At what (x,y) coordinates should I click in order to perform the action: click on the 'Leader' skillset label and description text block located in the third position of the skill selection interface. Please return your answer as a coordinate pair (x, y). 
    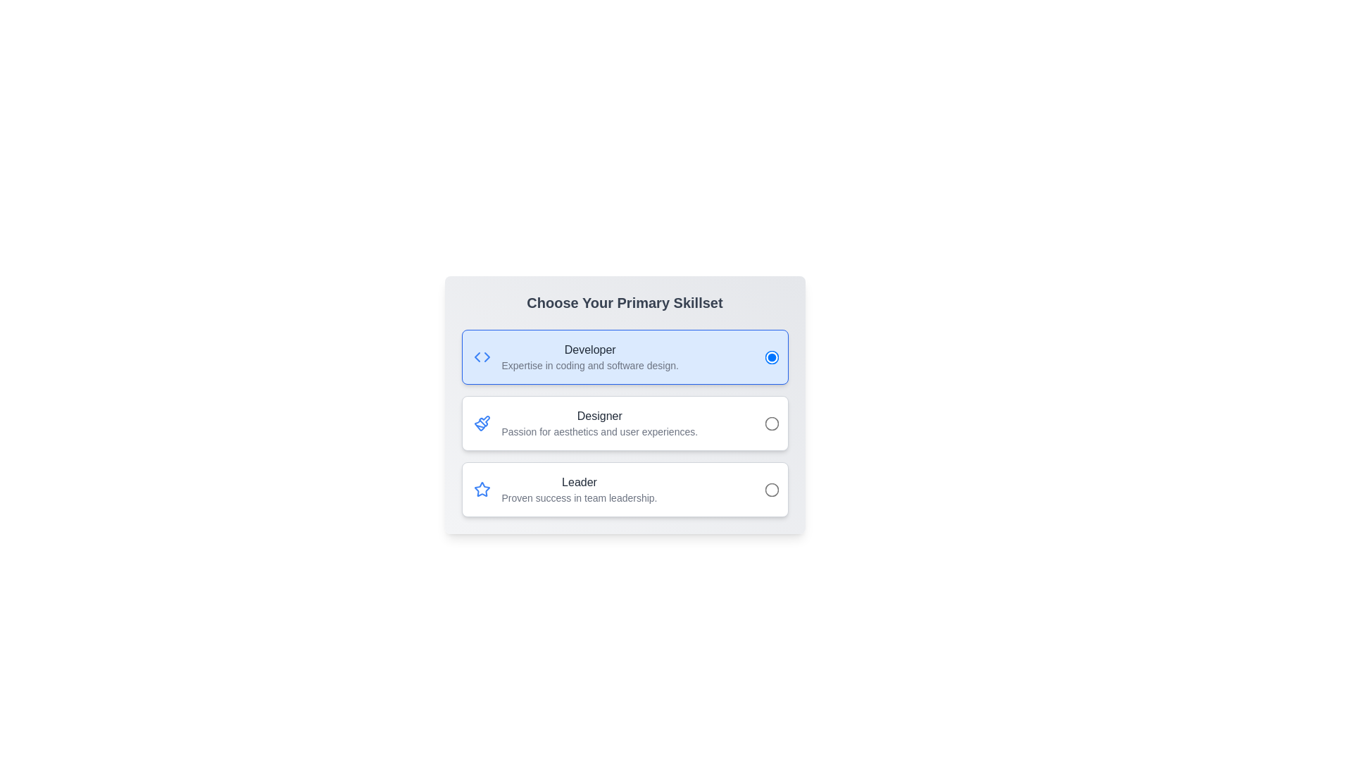
    Looking at the image, I should click on (579, 488).